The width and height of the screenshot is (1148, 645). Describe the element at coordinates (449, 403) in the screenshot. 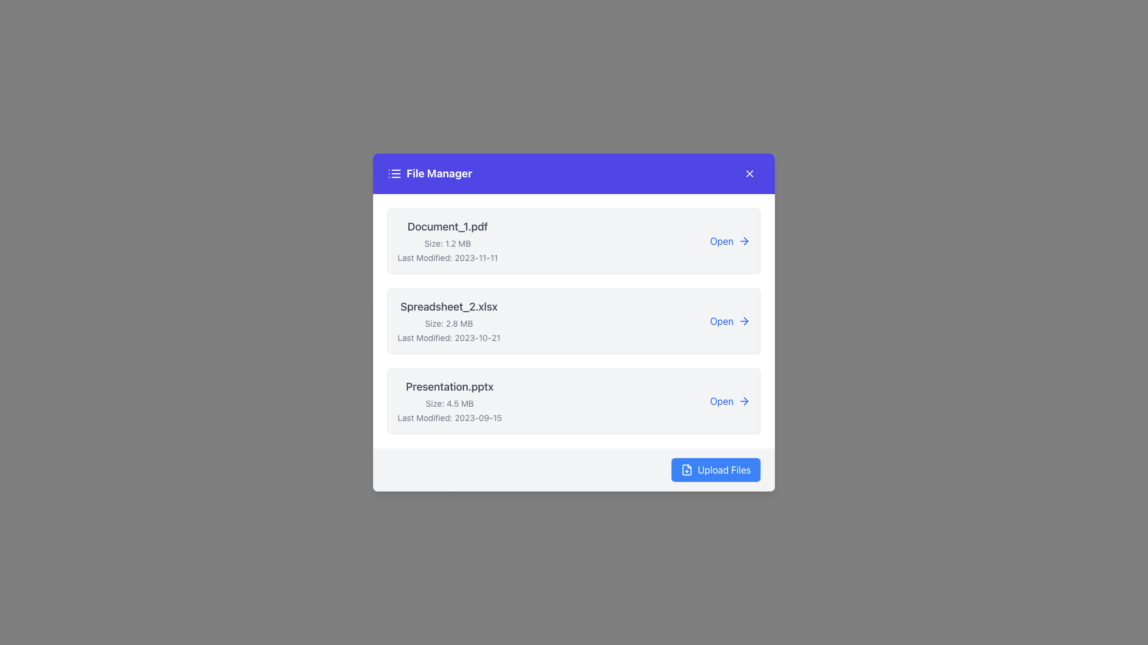

I see `the text label displaying the file size for 'Presentation.pptx', which is located beneath the title and above the modification date 'Last Modified: 2023-09-15'` at that location.